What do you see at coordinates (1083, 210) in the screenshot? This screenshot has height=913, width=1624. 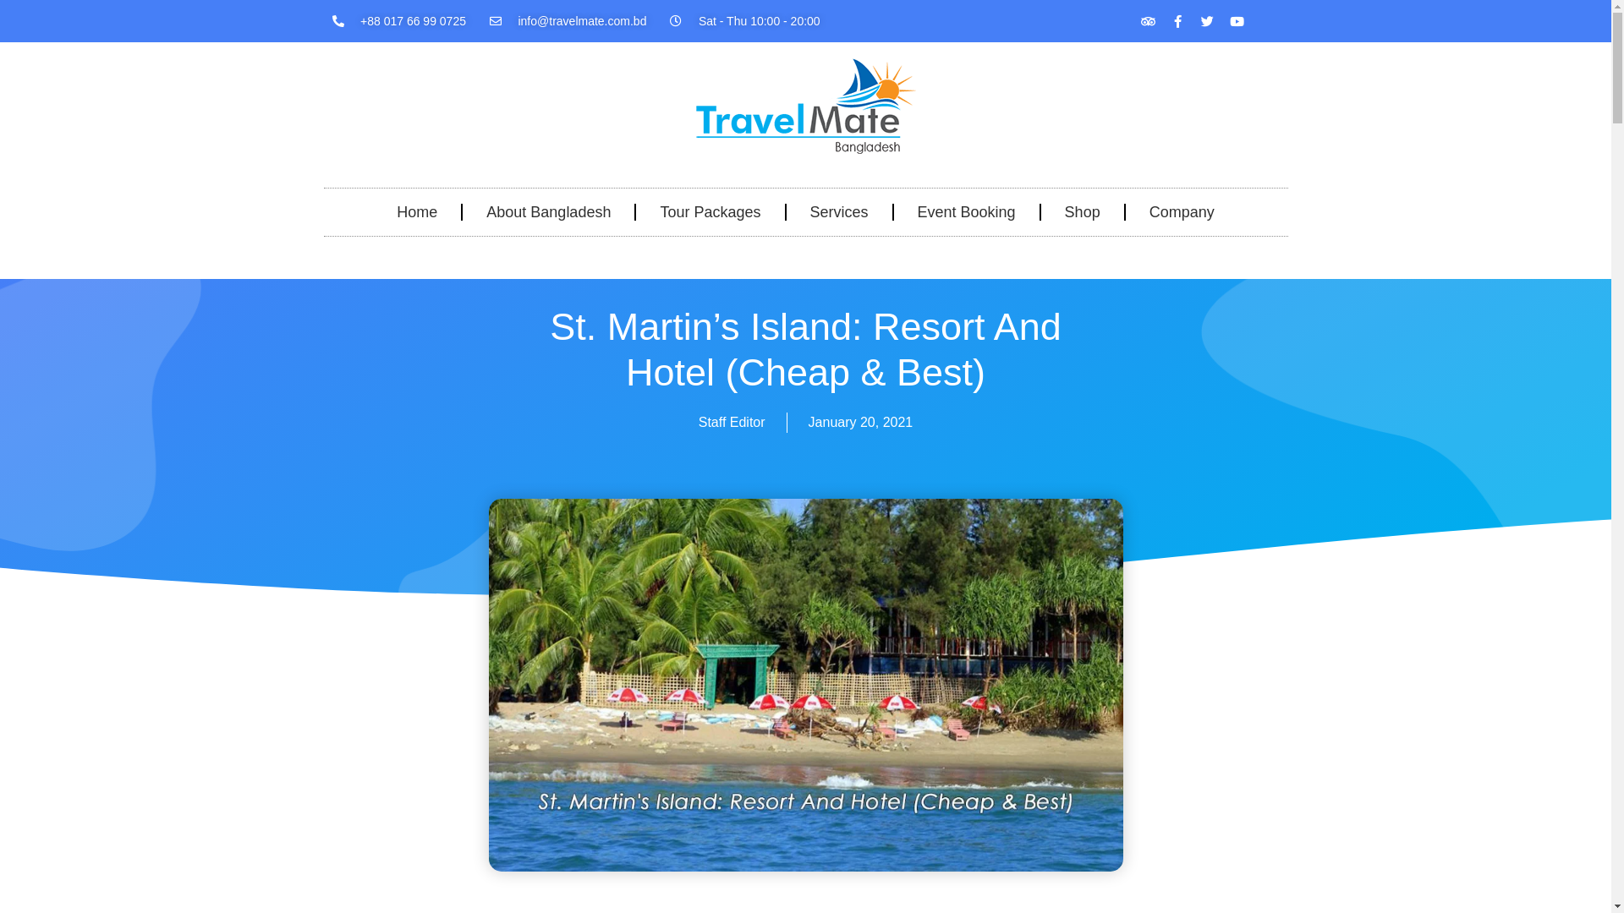 I see `'Shop'` at bounding box center [1083, 210].